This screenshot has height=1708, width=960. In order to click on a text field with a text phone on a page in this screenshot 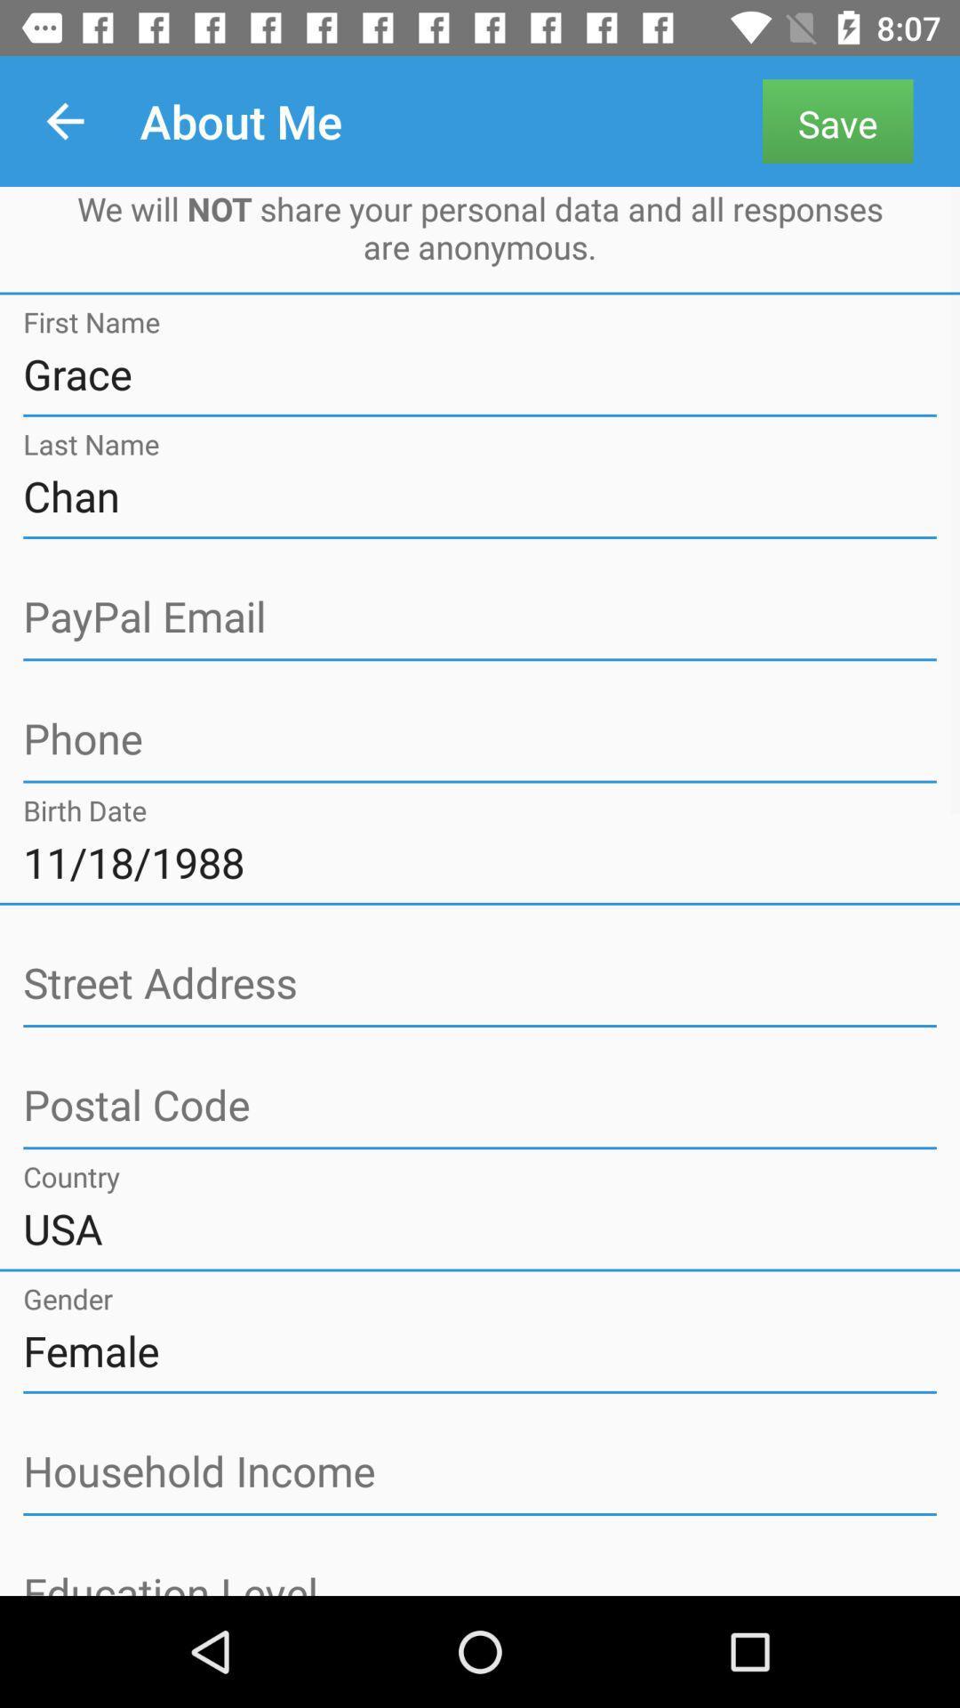, I will do `click(480, 739)`.